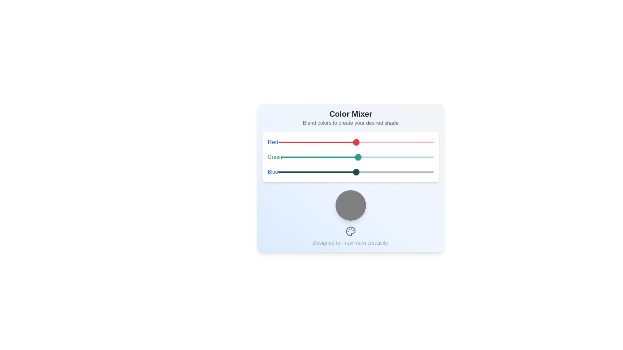 Image resolution: width=623 pixels, height=350 pixels. Describe the element at coordinates (408, 172) in the screenshot. I see `the Blue channel` at that location.